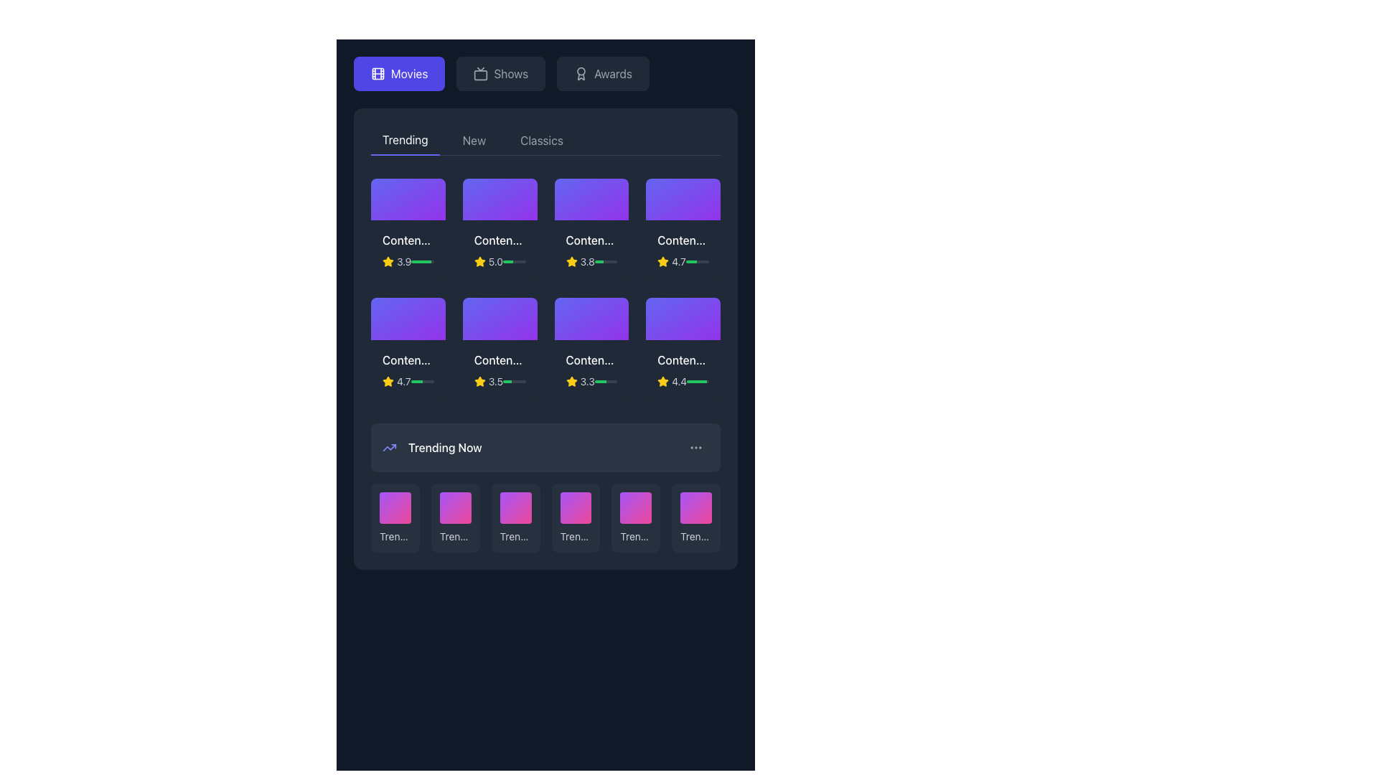 This screenshot has width=1378, height=775. What do you see at coordinates (479, 262) in the screenshot?
I see `the yellow star-shaped icon in the 'Trending' section, which is the third star icon in the first row of the grid` at bounding box center [479, 262].